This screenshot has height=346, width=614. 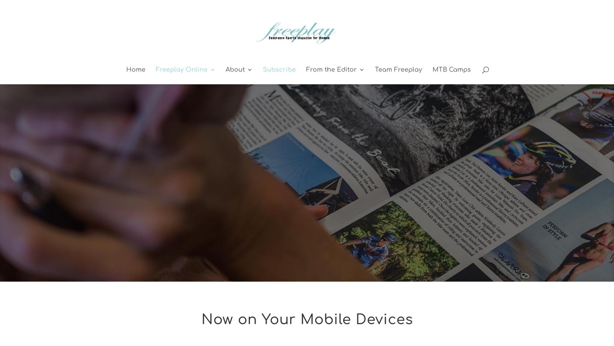 What do you see at coordinates (348, 127) in the screenshot?
I see `'About Stephanie'` at bounding box center [348, 127].